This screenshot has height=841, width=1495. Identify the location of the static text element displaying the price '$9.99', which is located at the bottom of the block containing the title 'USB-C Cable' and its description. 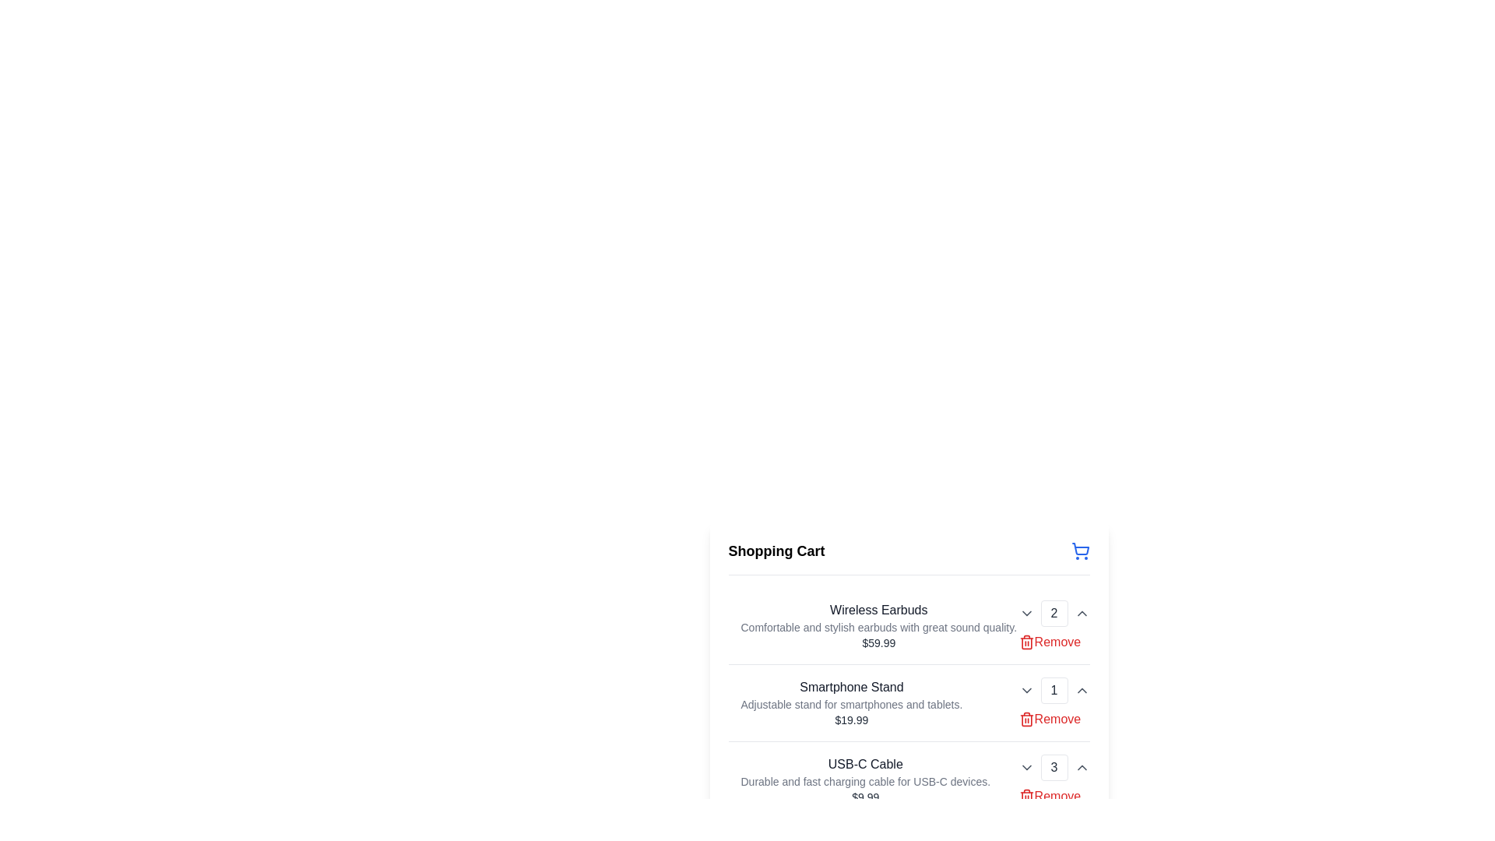
(864, 797).